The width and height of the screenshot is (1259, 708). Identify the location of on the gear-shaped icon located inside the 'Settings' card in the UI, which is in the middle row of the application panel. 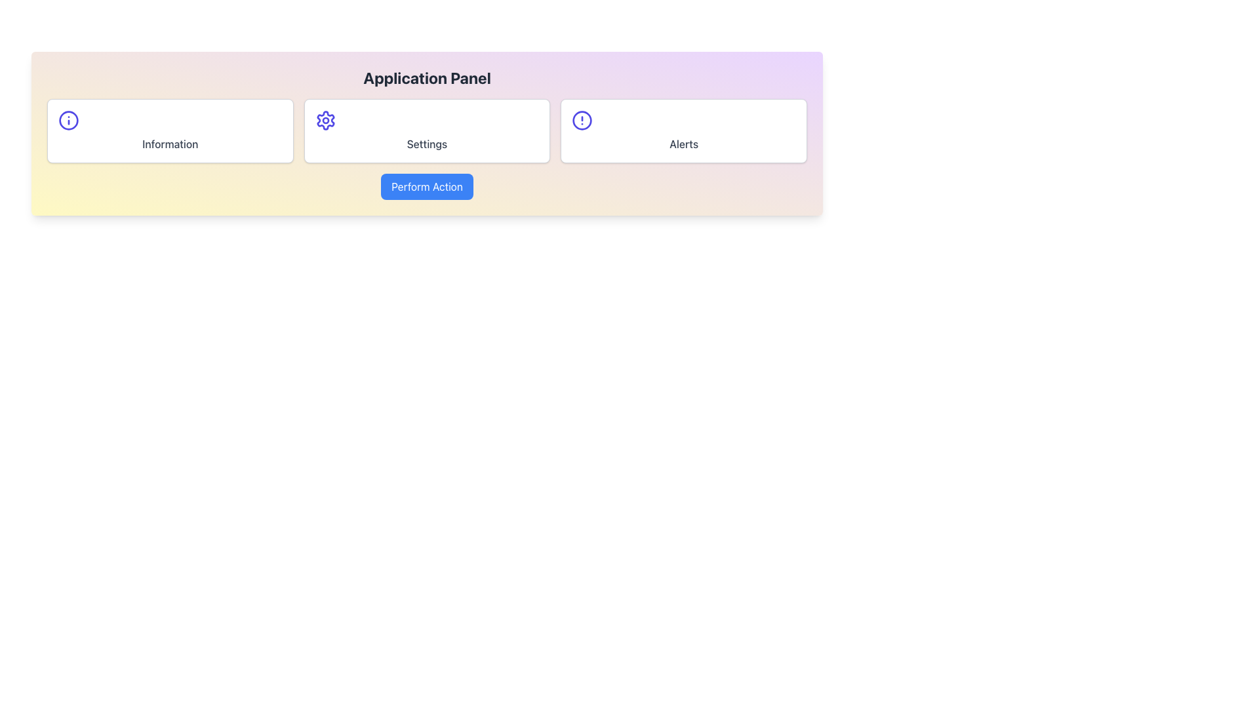
(325, 121).